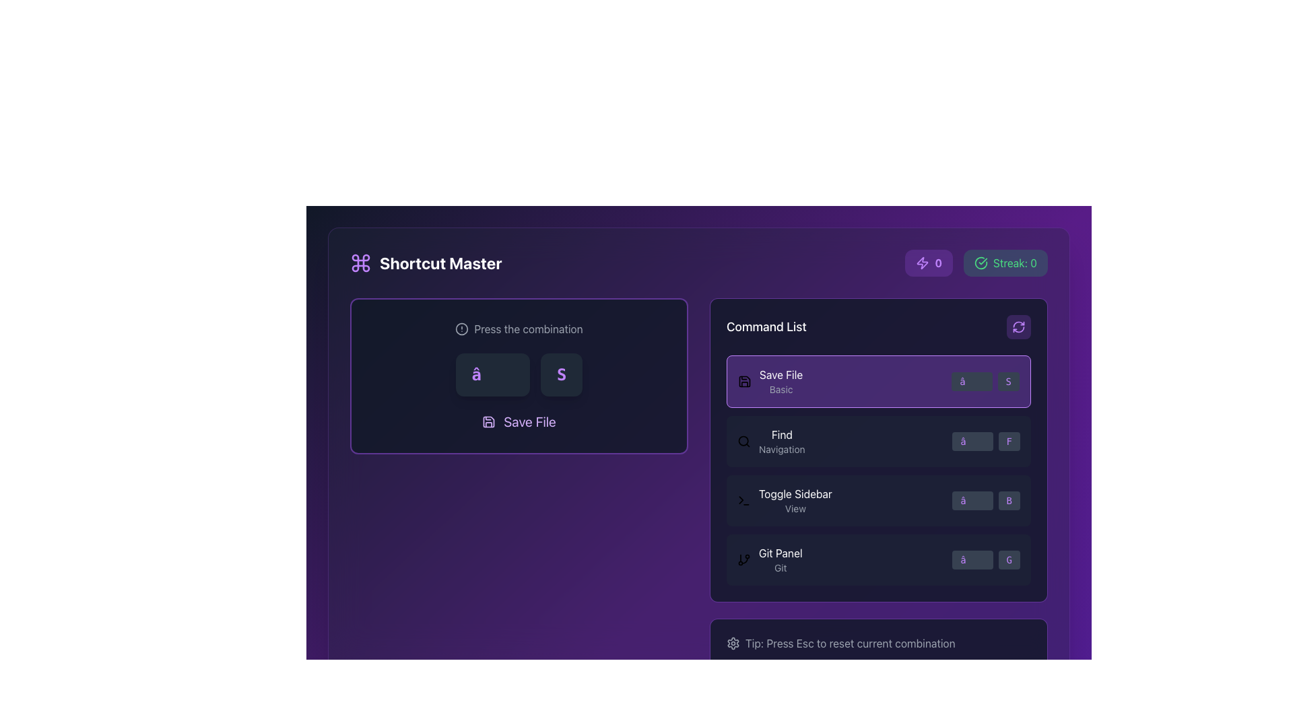 This screenshot has width=1293, height=727. Describe the element at coordinates (972, 382) in the screenshot. I see `the keyboard shortcut key representation component for the 'Save File' command located in the 'Command List' section` at that location.